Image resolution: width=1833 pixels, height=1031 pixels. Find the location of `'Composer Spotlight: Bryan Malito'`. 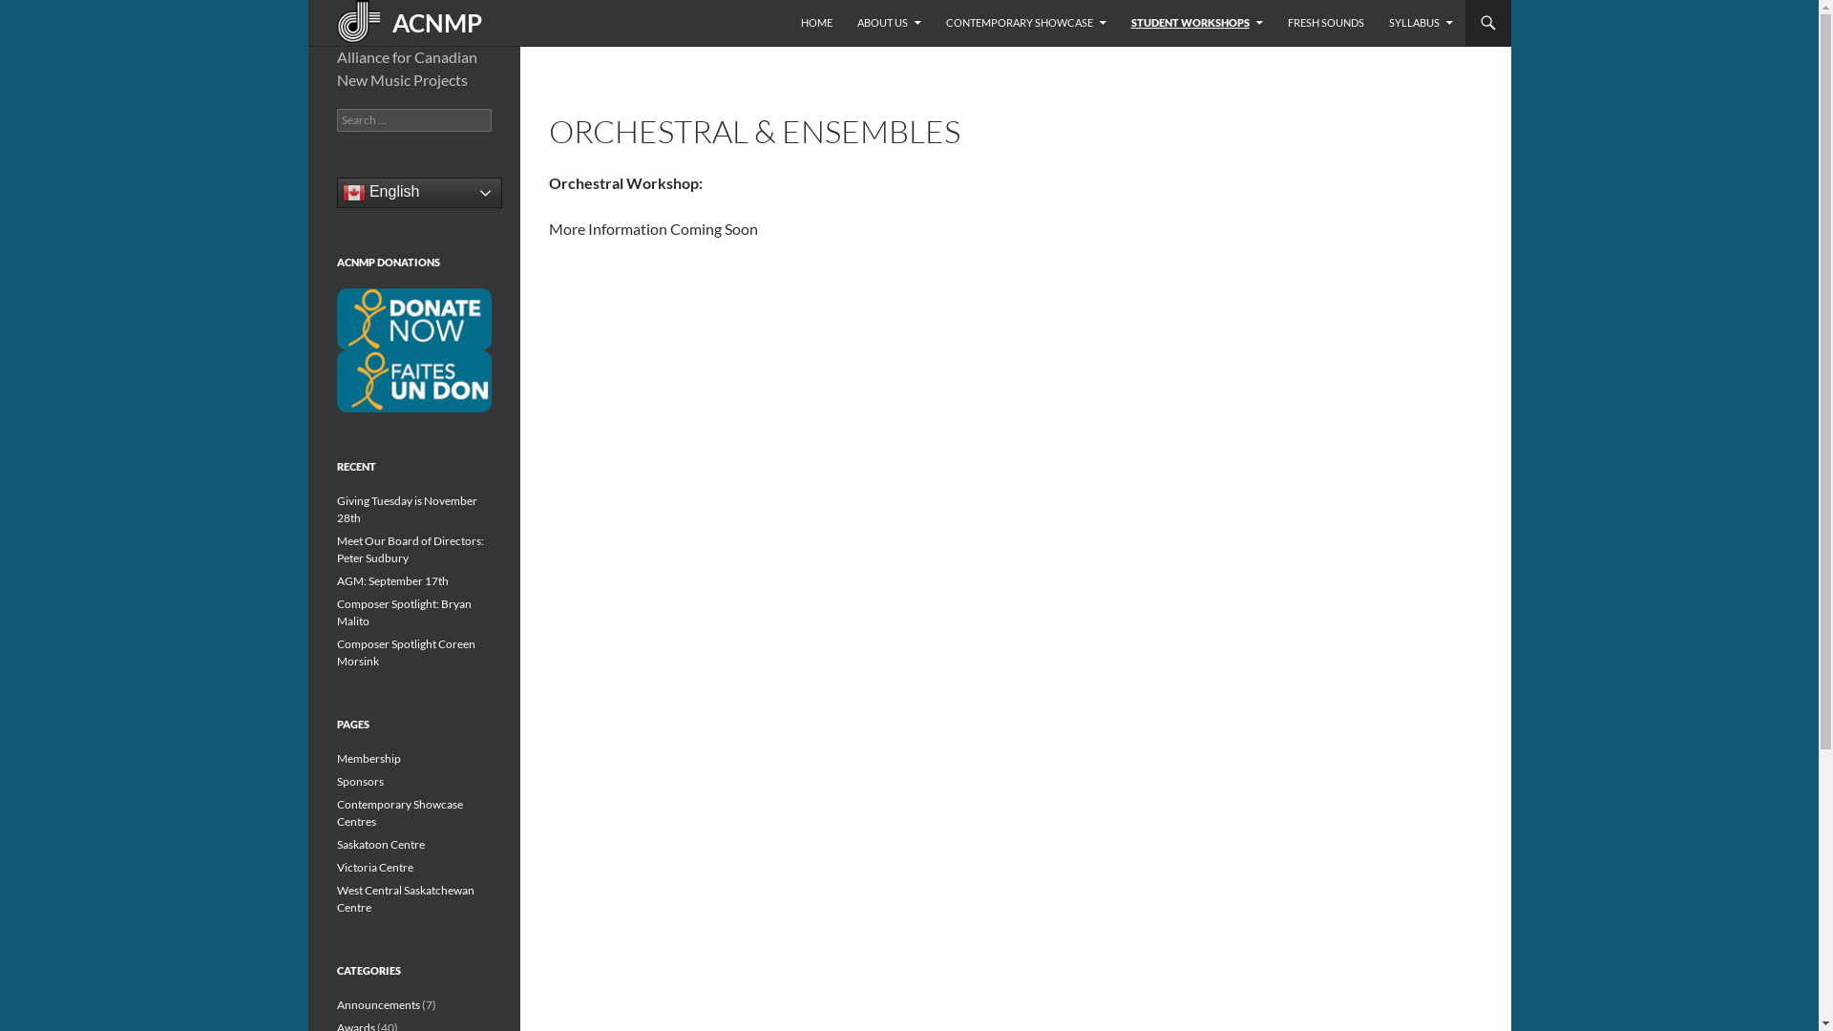

'Composer Spotlight: Bryan Malito' is located at coordinates (402, 612).